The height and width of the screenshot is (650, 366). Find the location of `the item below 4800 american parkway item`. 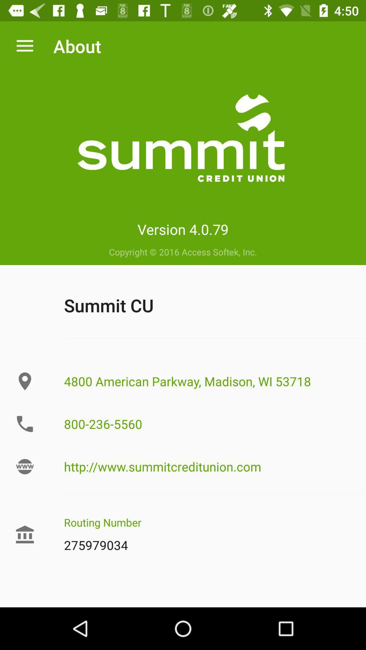

the item below 4800 american parkway item is located at coordinates (207, 424).